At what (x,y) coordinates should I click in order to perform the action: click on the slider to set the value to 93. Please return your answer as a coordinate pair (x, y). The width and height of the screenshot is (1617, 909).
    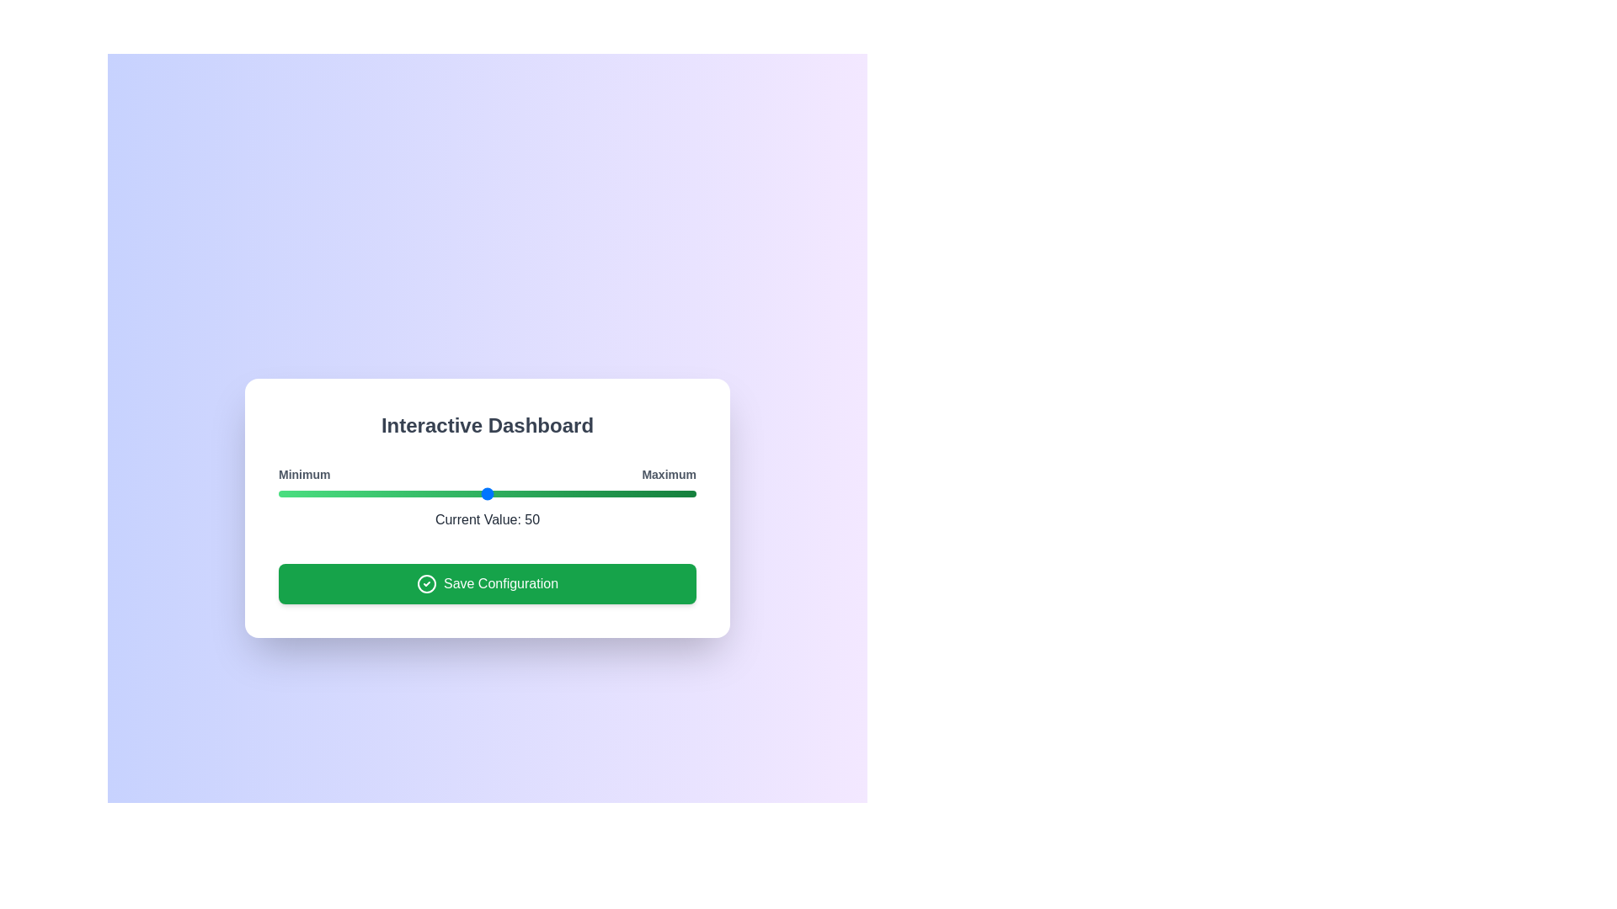
    Looking at the image, I should click on (666, 492).